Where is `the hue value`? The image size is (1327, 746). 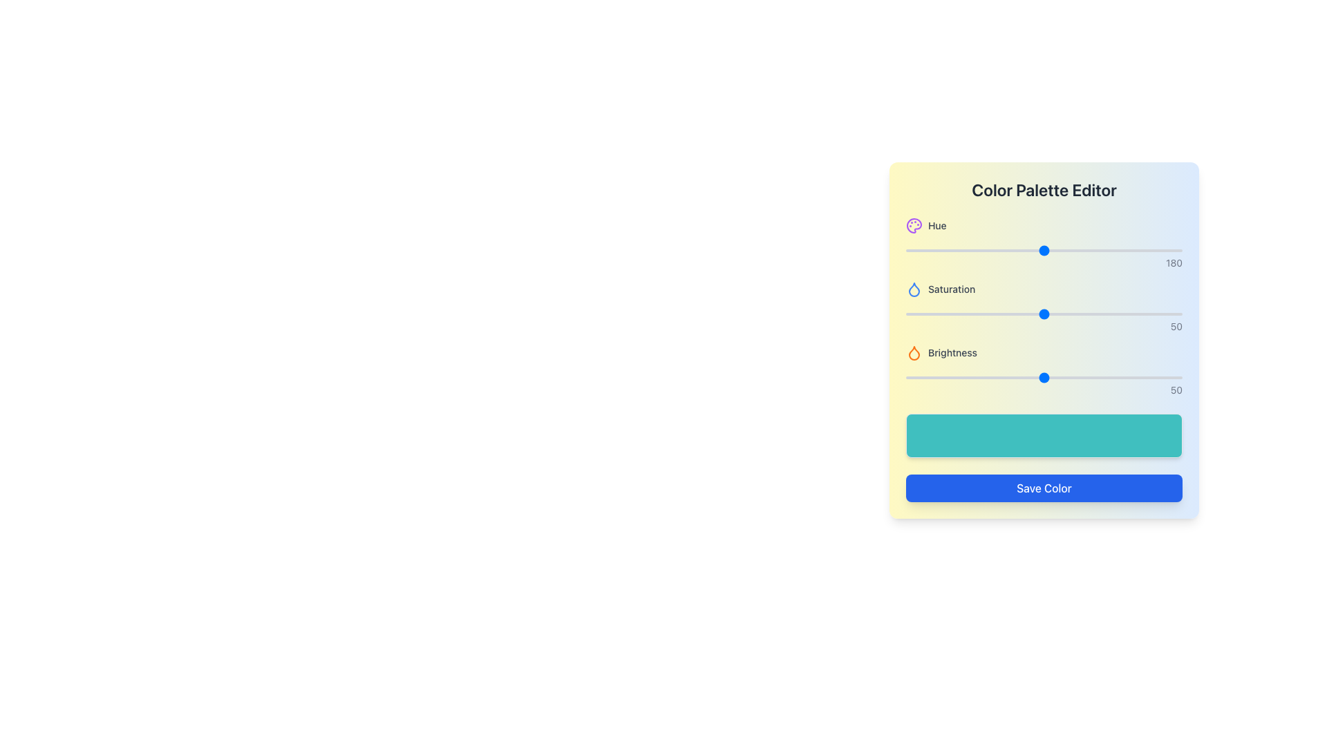 the hue value is located at coordinates (1102, 250).